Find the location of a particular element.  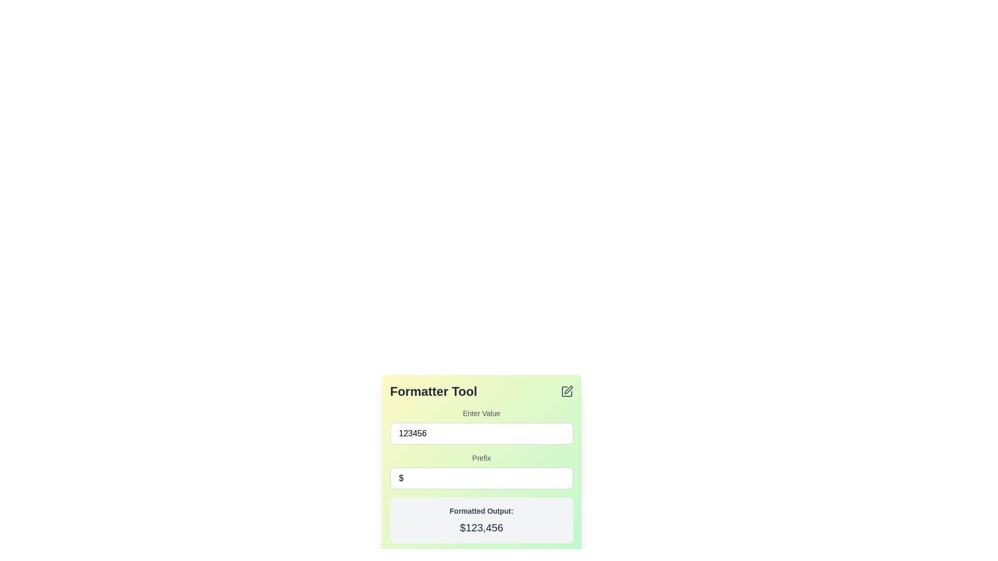

the Text Display element that serves as the title for the surrounding green gradient card, located at the top-left corner of the card is located at coordinates (434, 391).